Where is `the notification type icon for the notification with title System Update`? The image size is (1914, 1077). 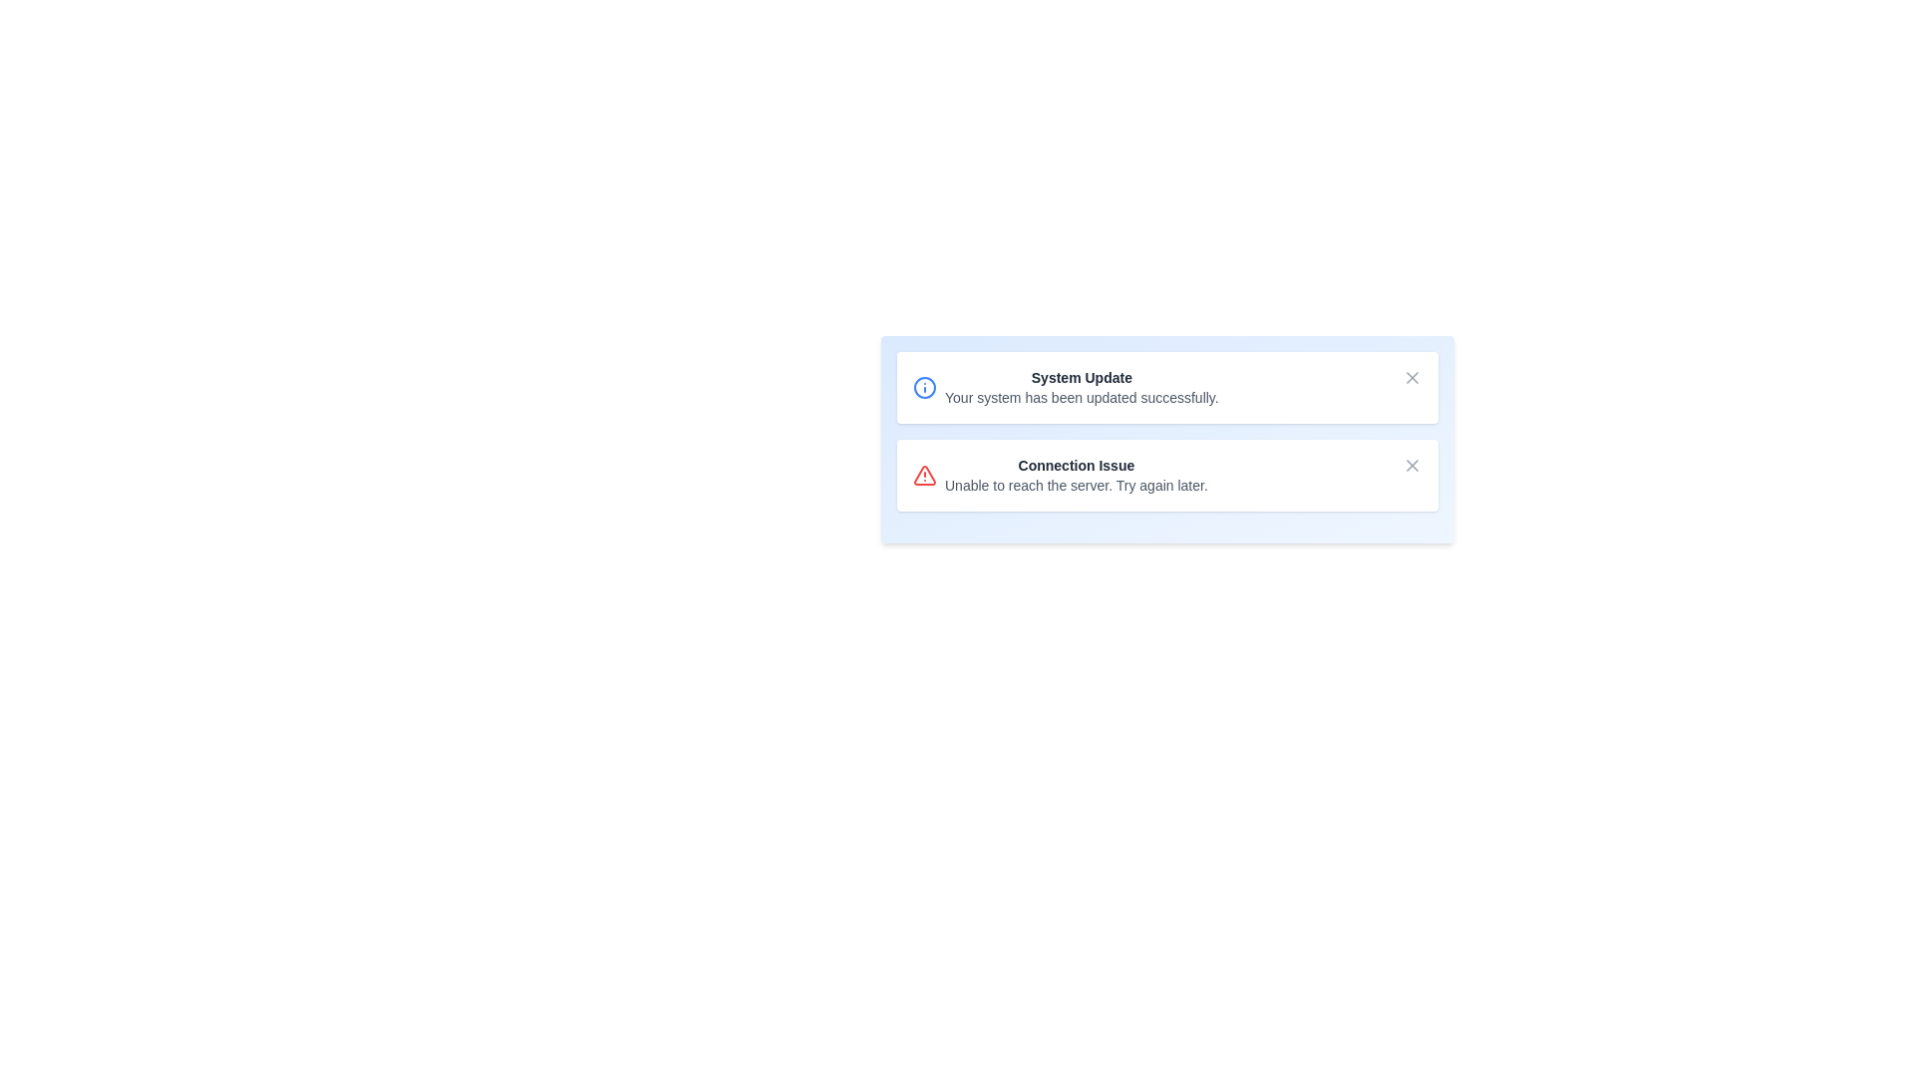
the notification type icon for the notification with title System Update is located at coordinates (923, 388).